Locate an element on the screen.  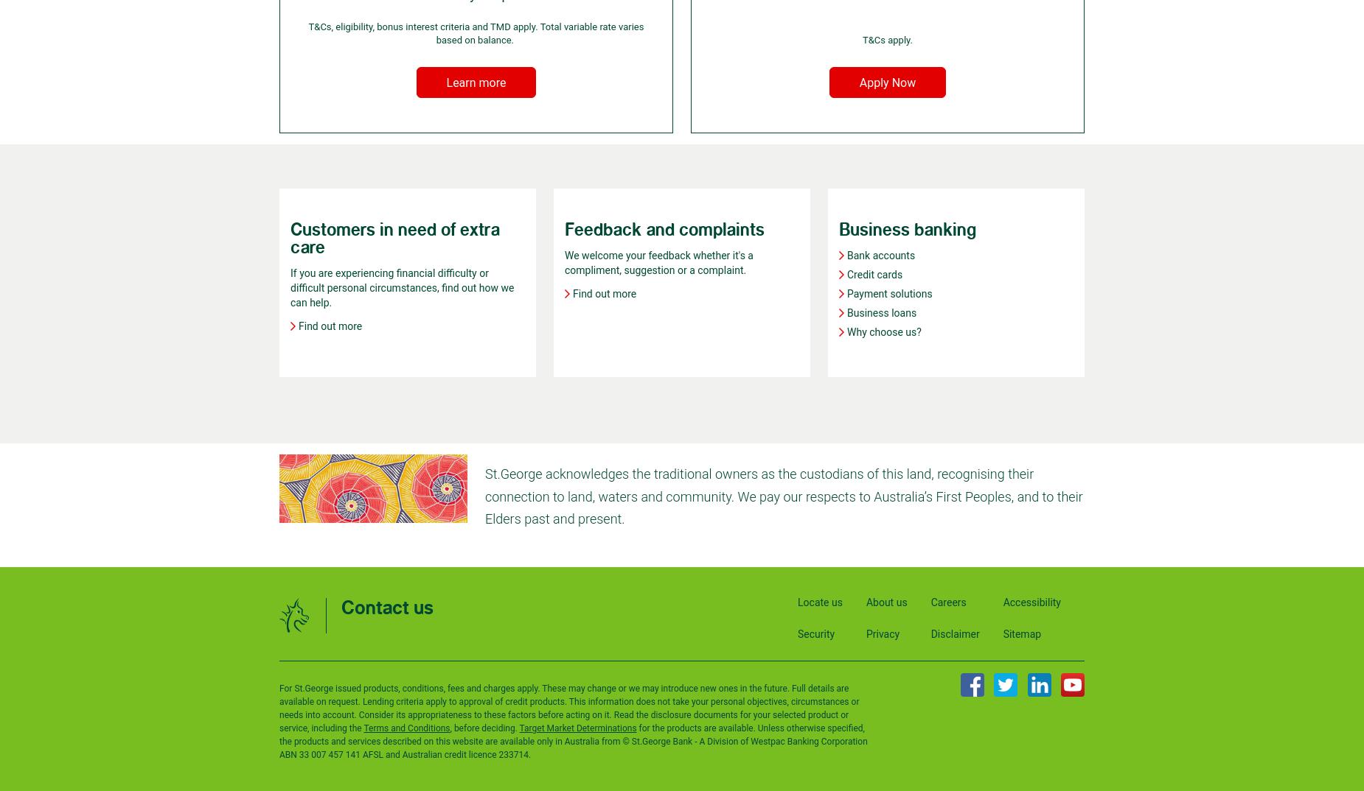
'If you are experiencing financial difficulty or difficult personal circumstances, find out how we can help.' is located at coordinates (402, 288).